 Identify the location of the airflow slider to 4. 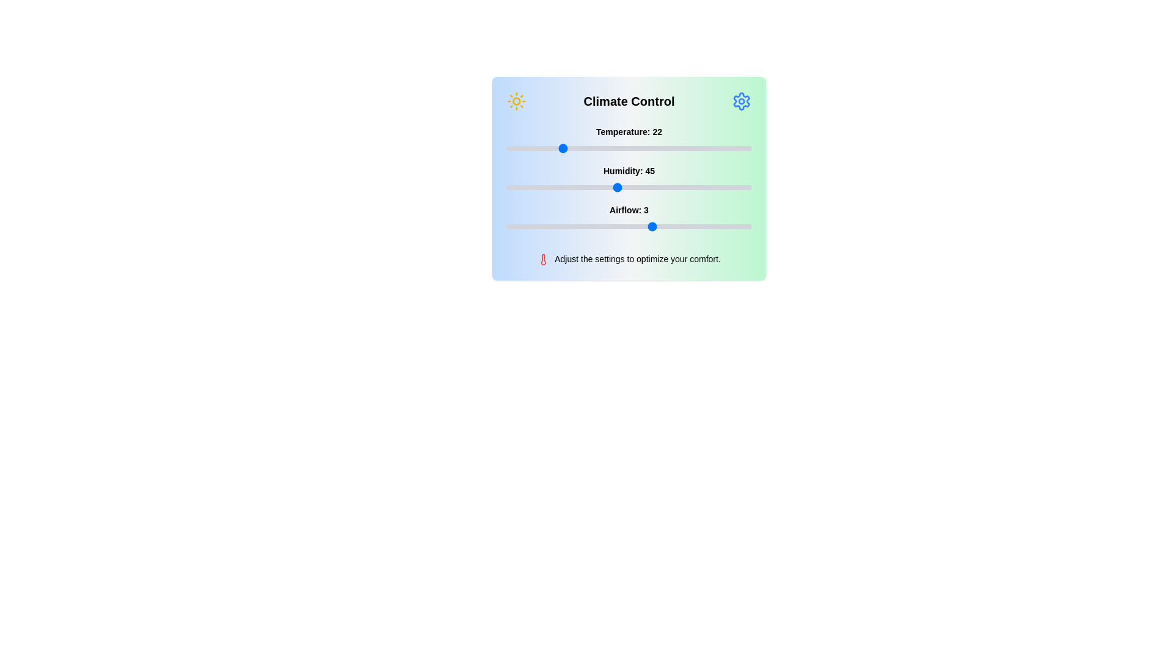
(702, 226).